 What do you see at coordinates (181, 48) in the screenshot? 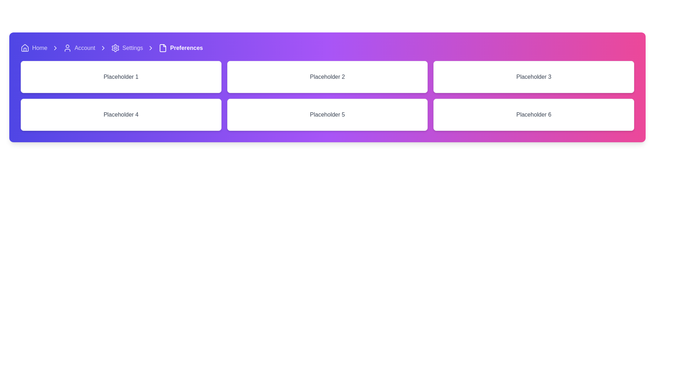
I see `the breadcrumb text link labeled 'Preferences'` at bounding box center [181, 48].